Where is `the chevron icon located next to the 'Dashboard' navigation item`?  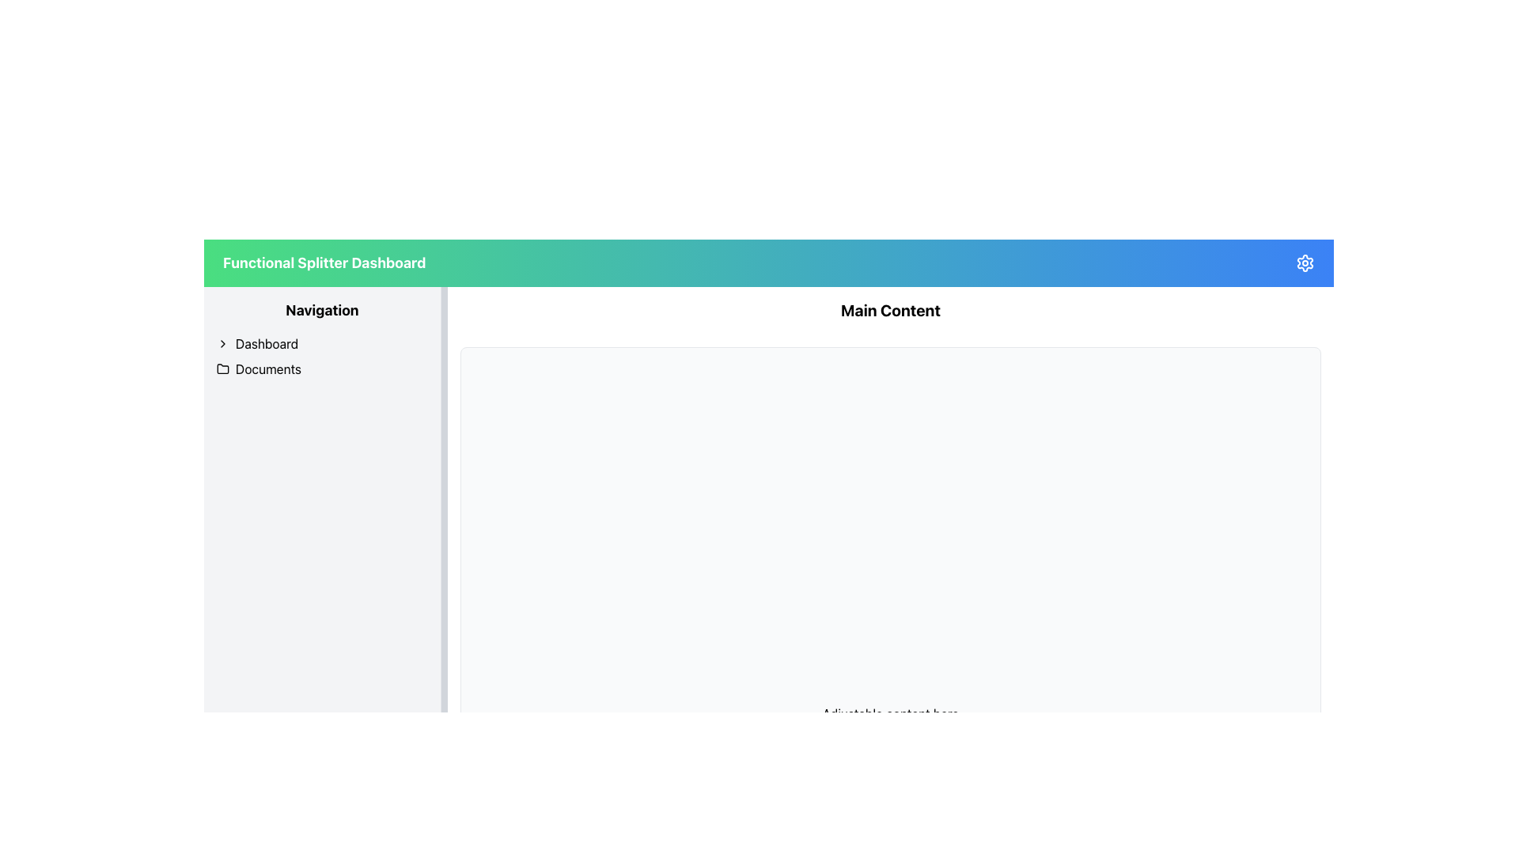
the chevron icon located next to the 'Dashboard' navigation item is located at coordinates (222, 343).